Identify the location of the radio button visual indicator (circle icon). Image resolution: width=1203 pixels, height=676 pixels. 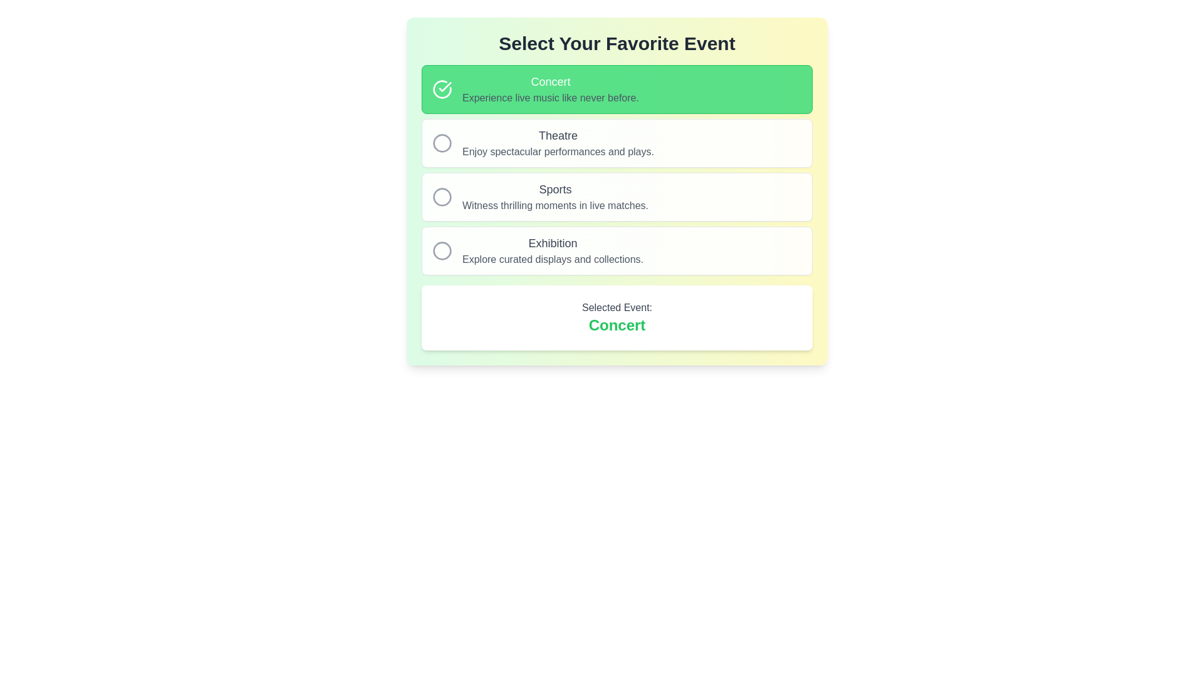
(442, 142).